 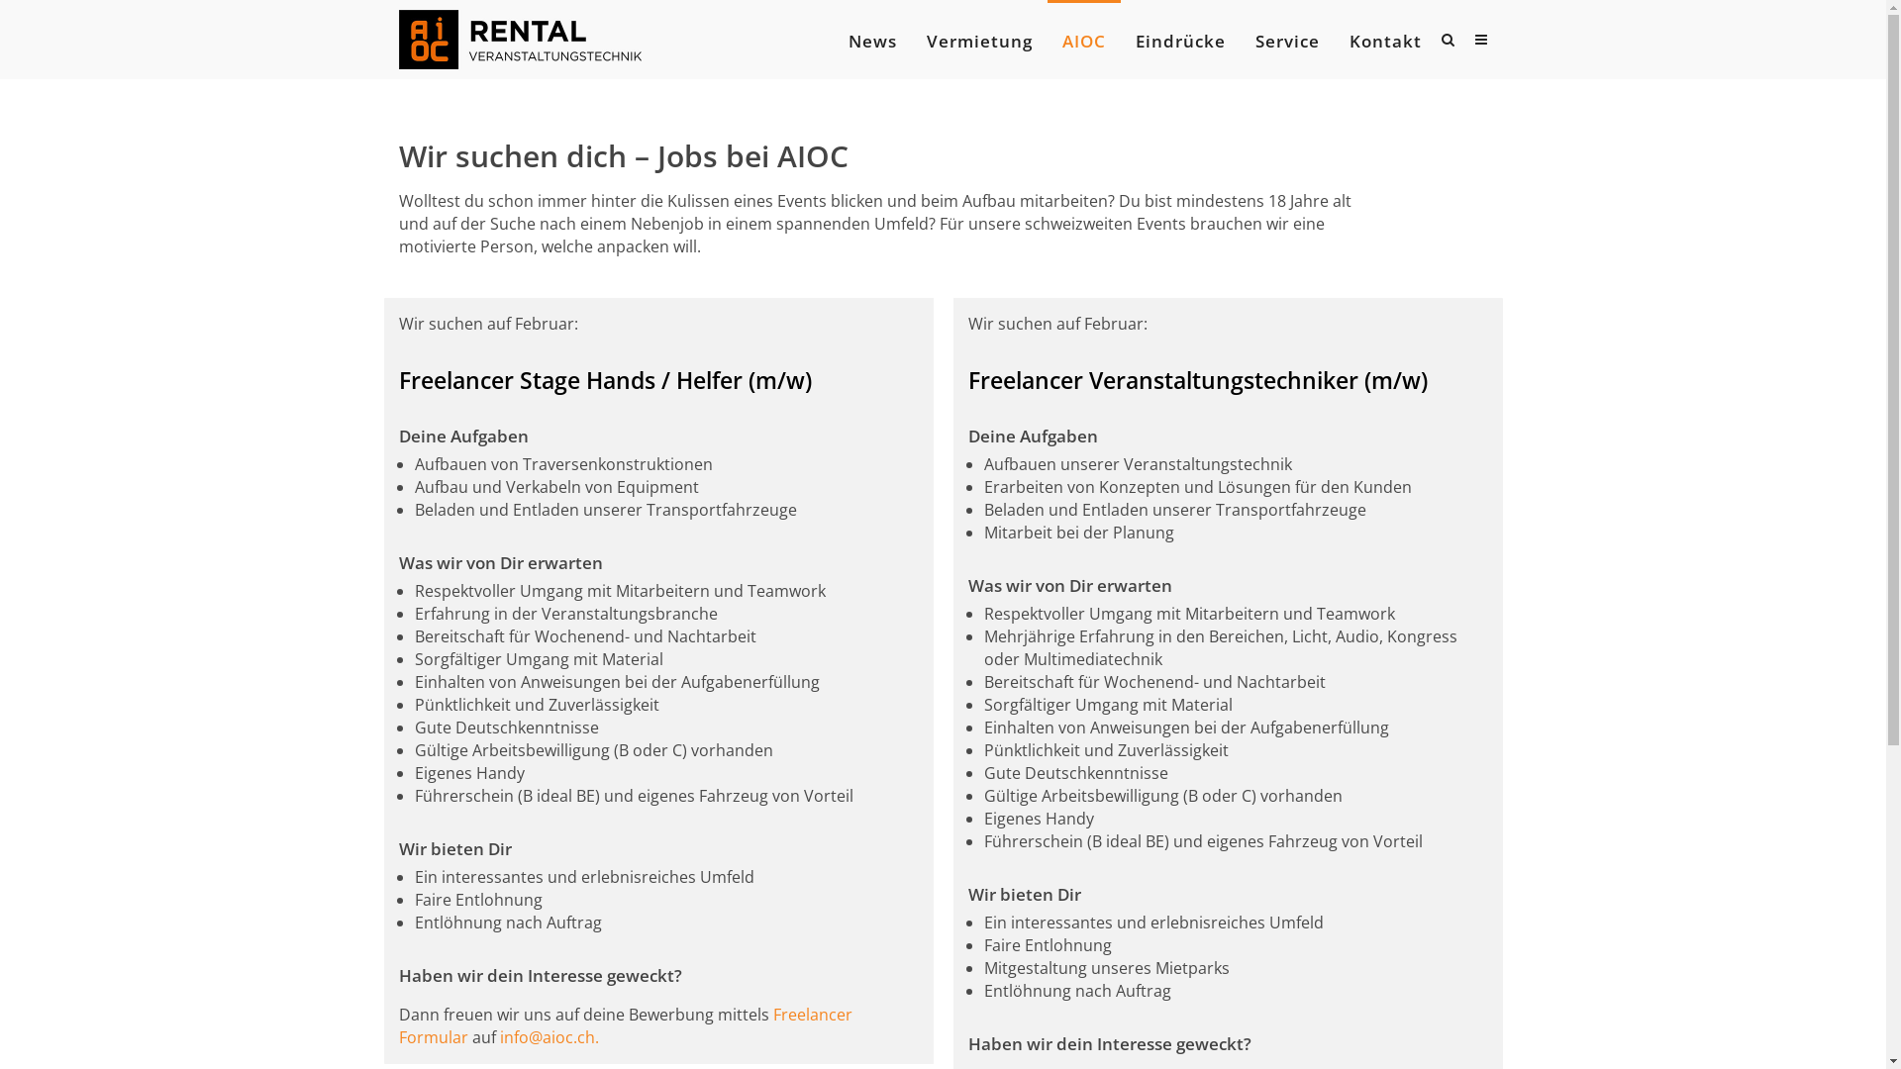 I want to click on 'Vermietung', so click(x=979, y=42).